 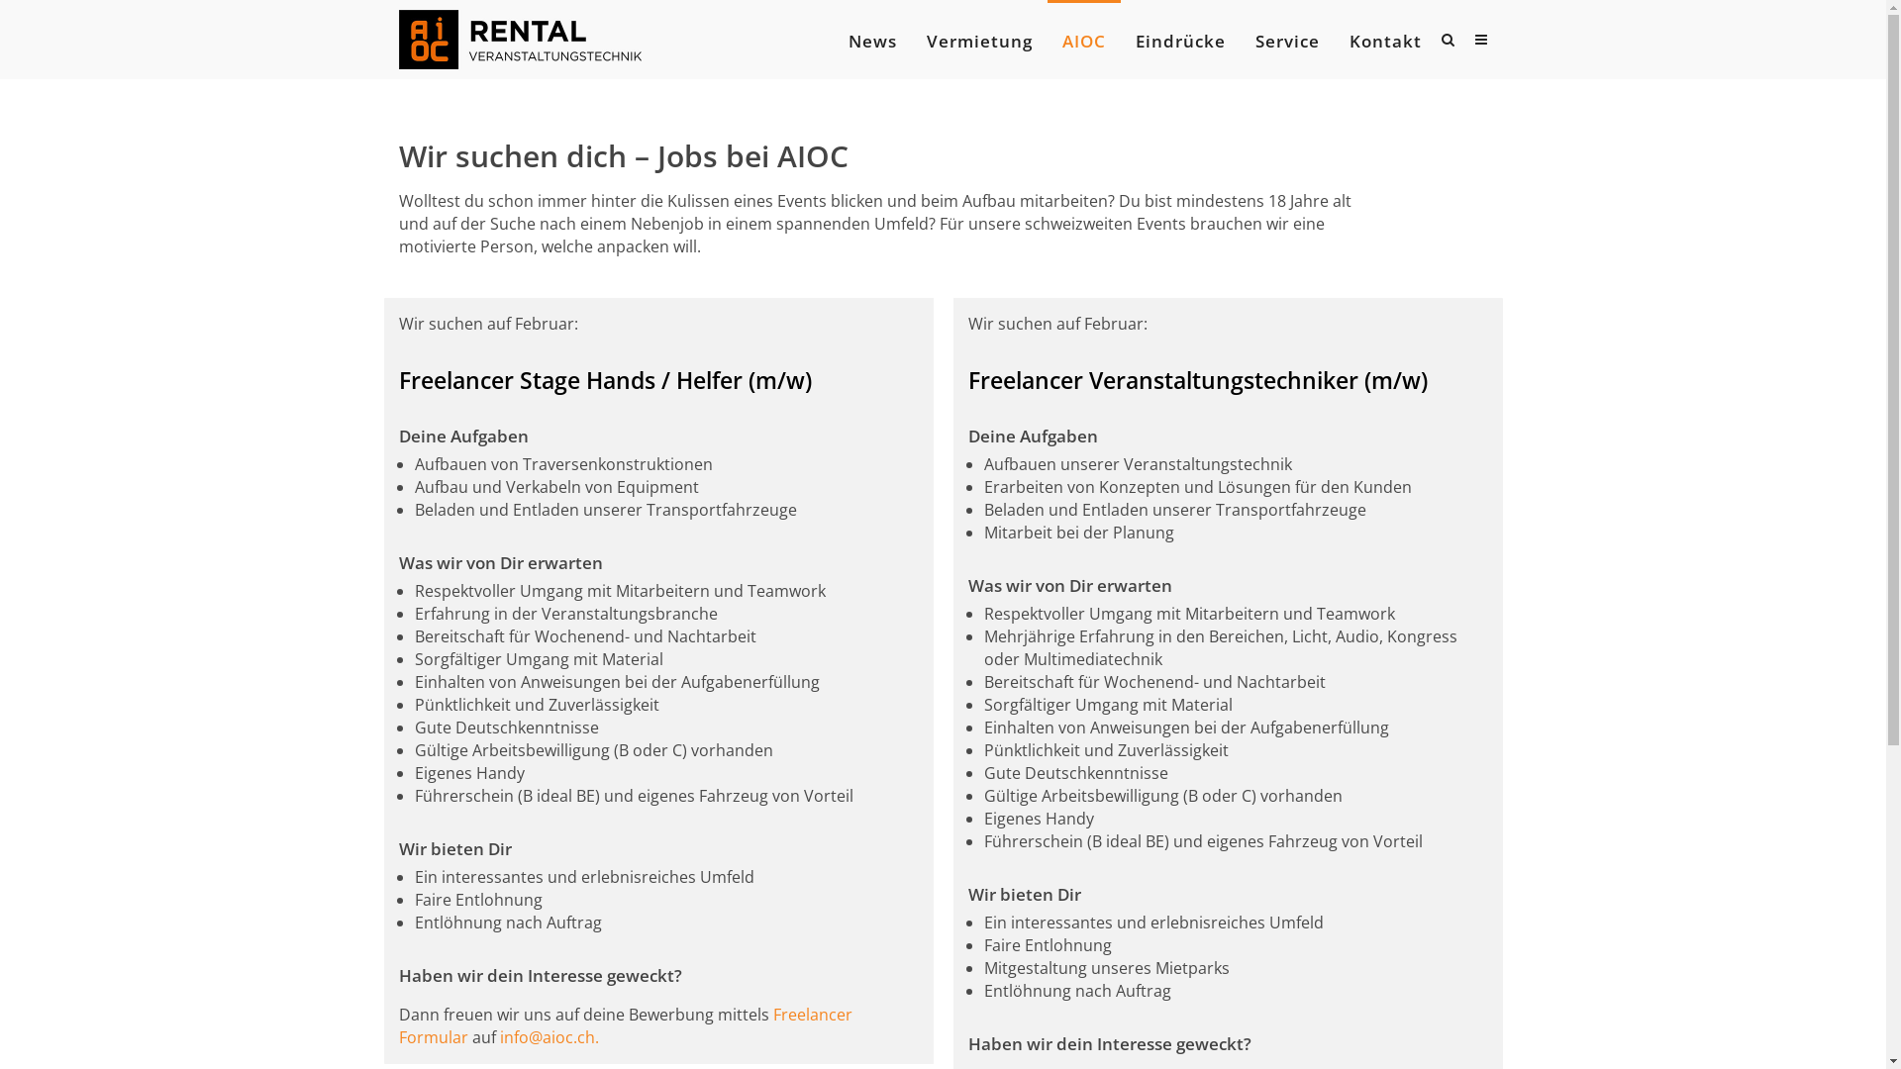 I want to click on 'Vermietung', so click(x=979, y=42).